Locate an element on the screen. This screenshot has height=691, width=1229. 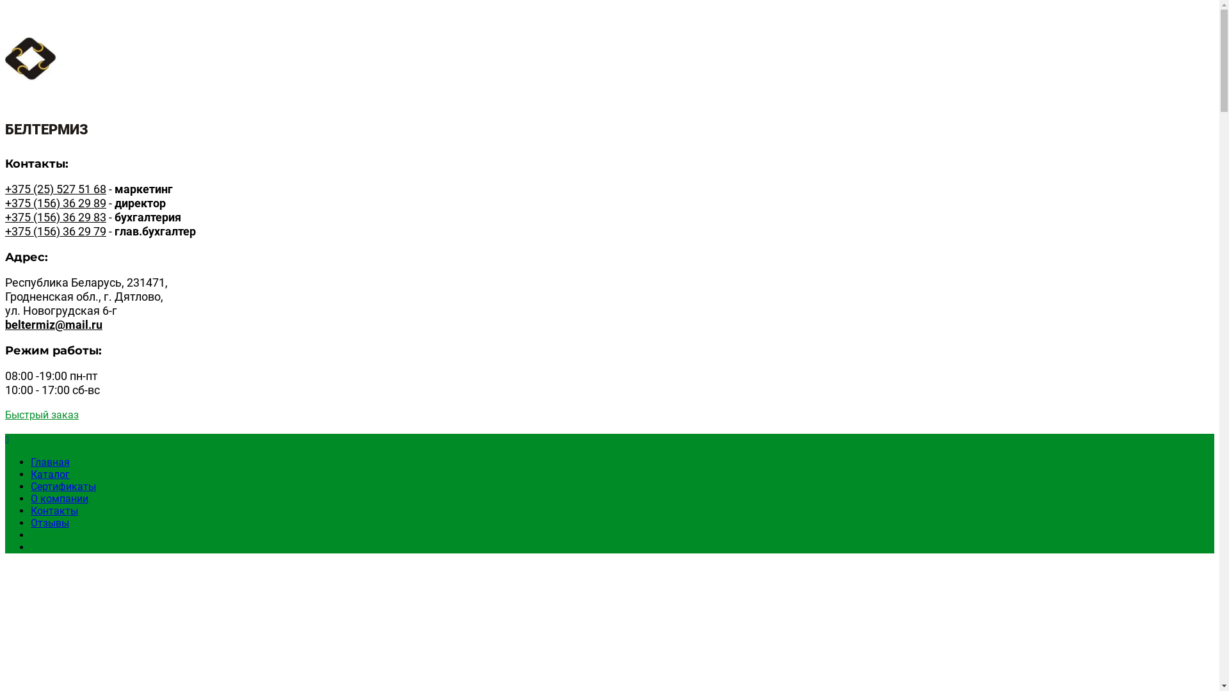
'beltermiz@mail.ru' is located at coordinates (52, 324).